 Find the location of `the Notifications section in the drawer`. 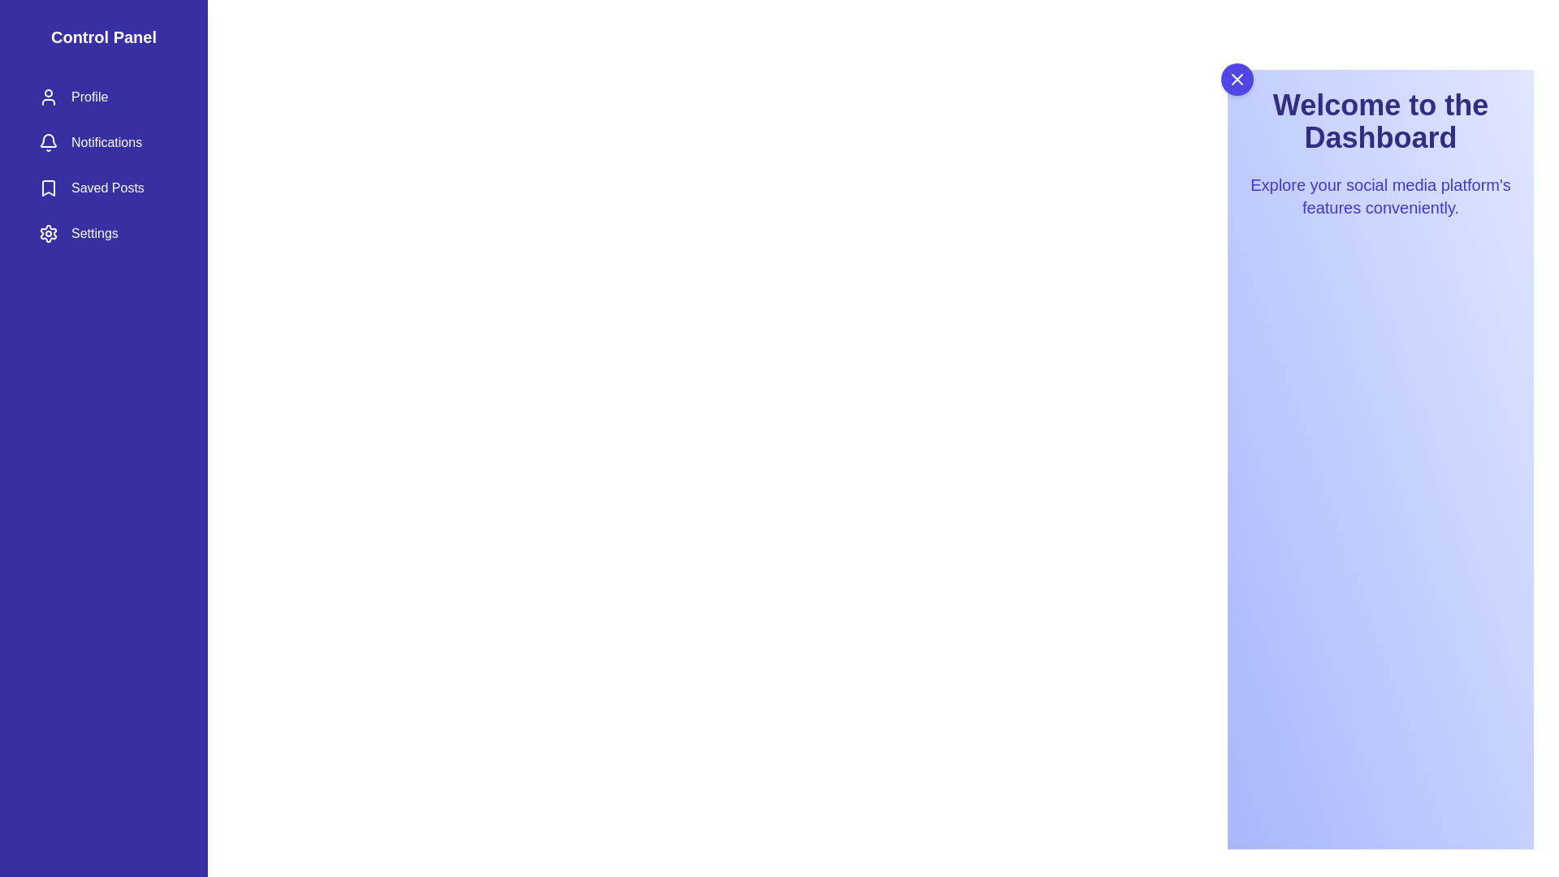

the Notifications section in the drawer is located at coordinates (103, 142).